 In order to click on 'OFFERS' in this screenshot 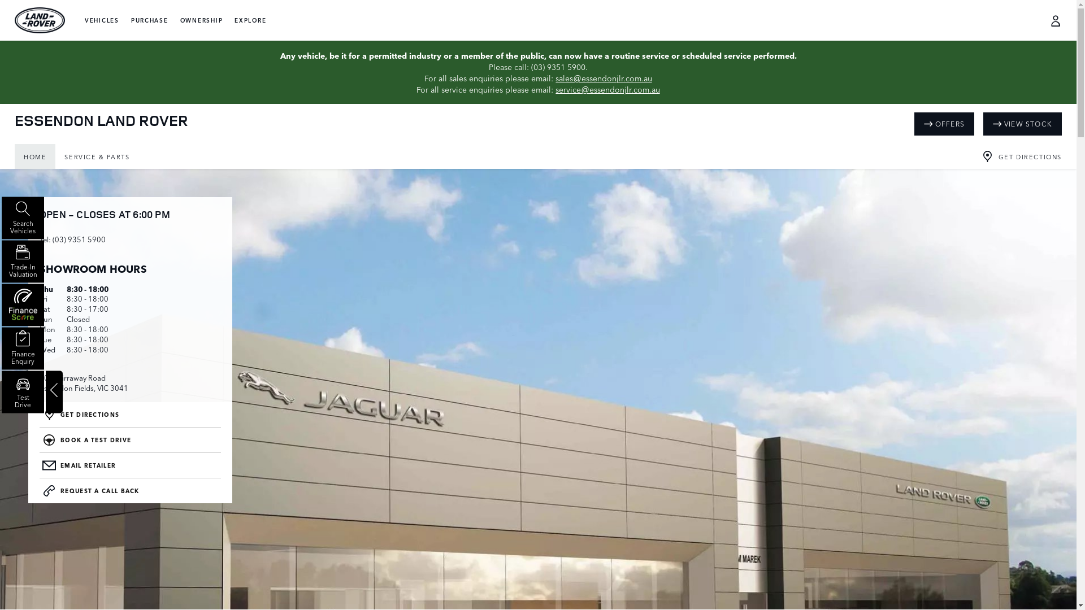, I will do `click(944, 124)`.